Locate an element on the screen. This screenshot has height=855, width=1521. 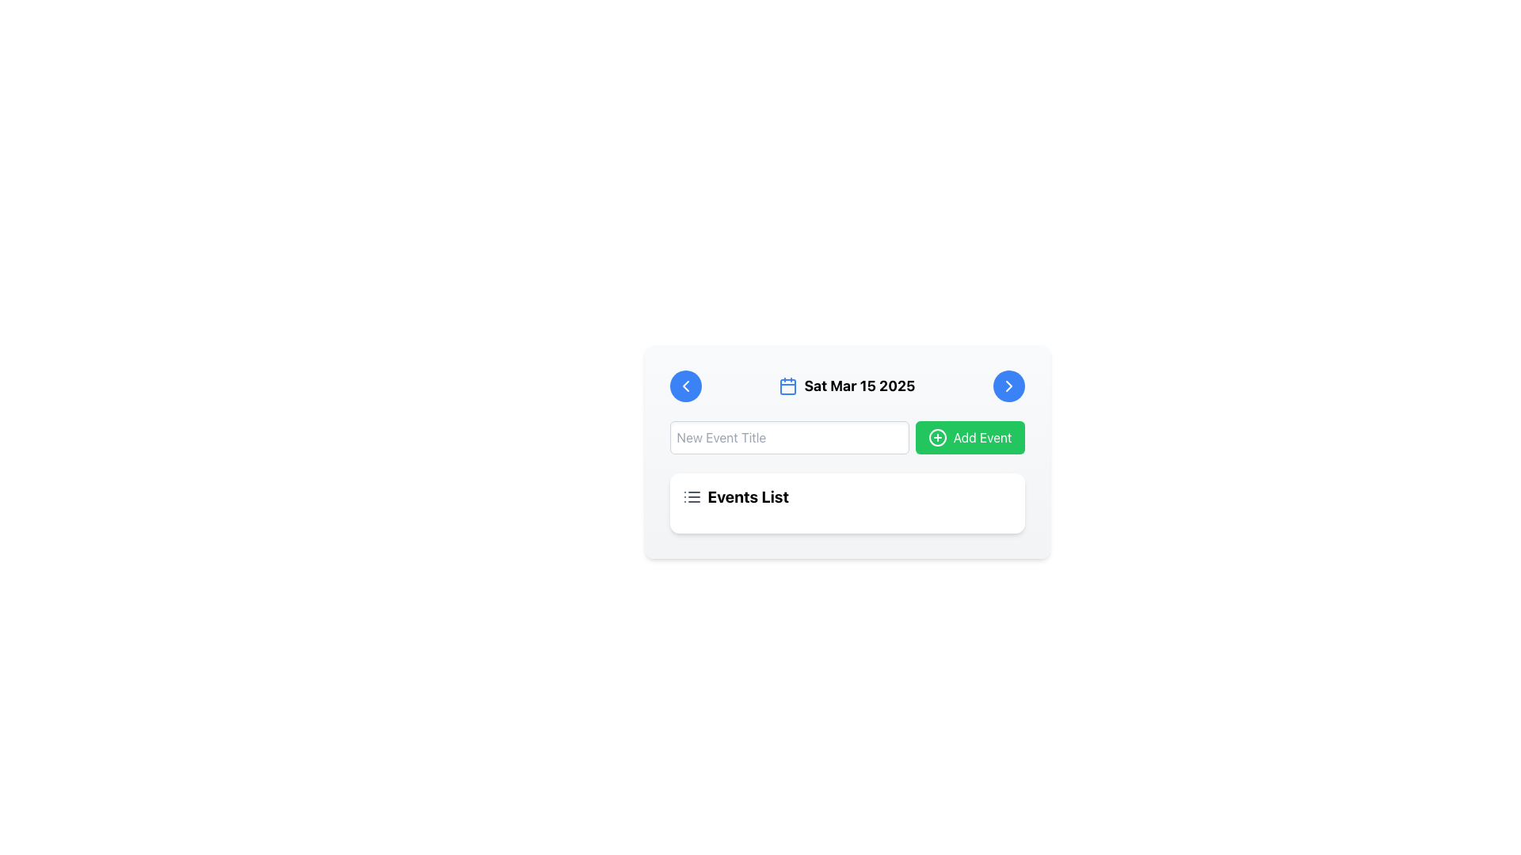
the right-facing chevron icon, which is styled with a thin outline and is located within a small blue circular button on the right side of the top header section of the interface is located at coordinates (1008, 386).